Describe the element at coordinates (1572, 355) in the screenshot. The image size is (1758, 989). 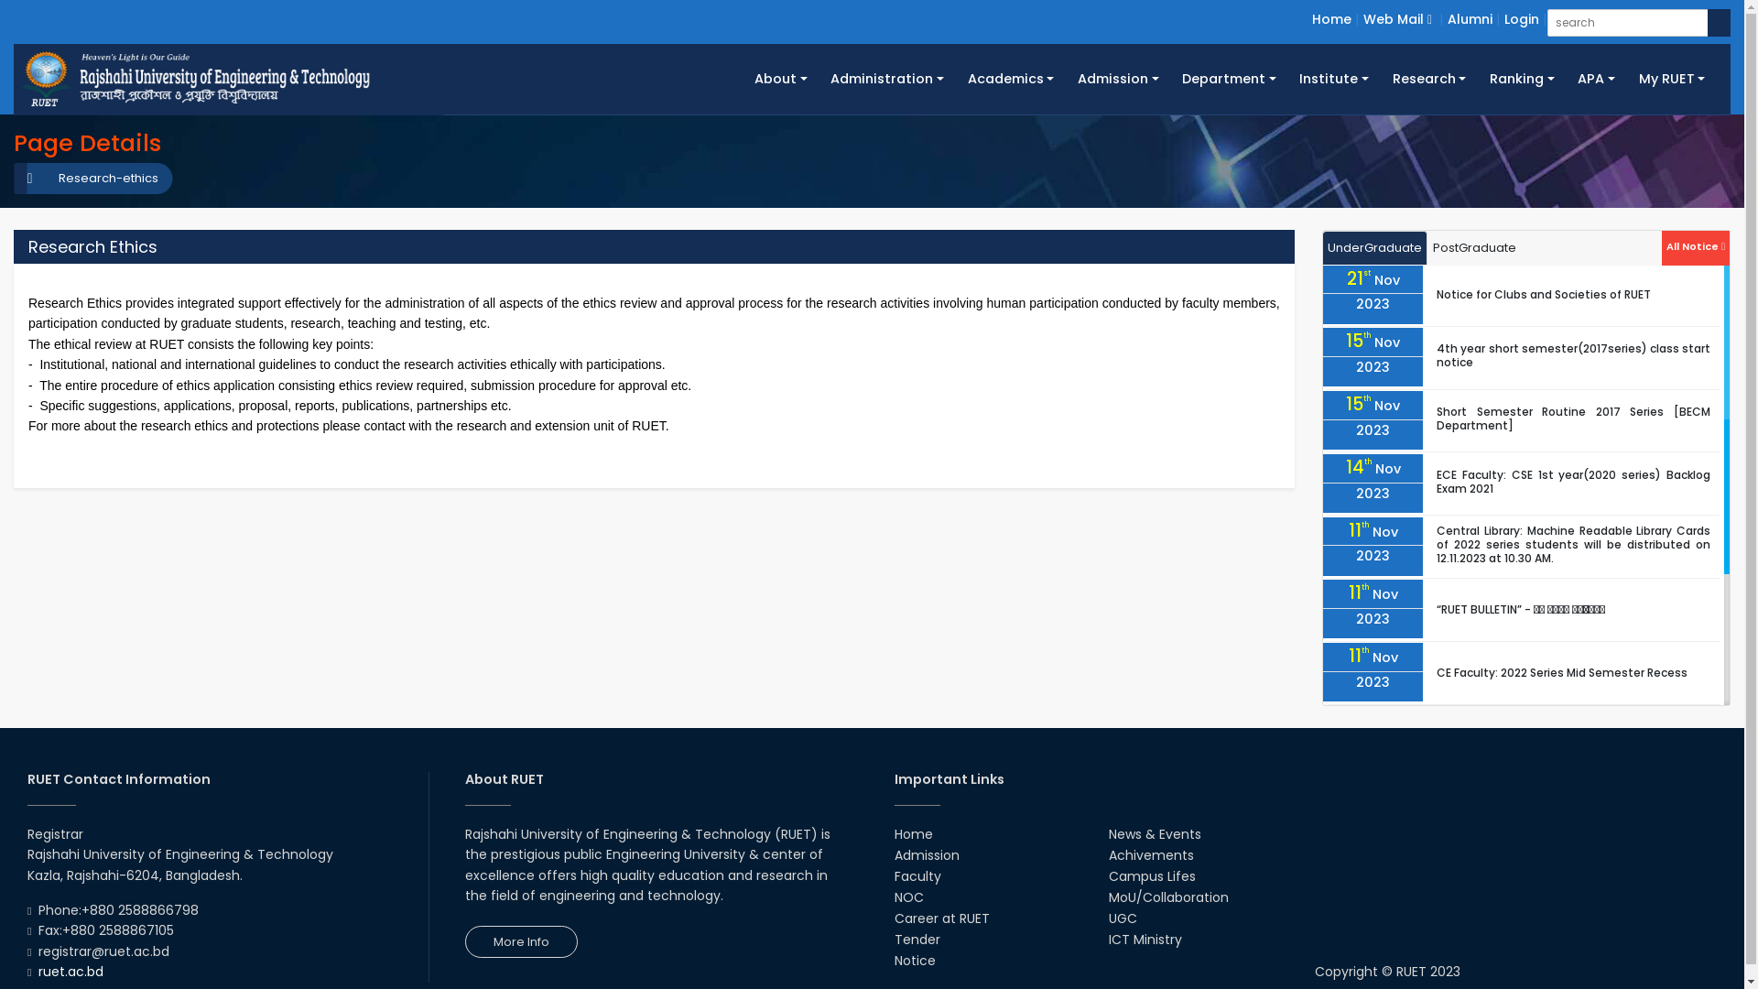
I see `'4th year short semester(2017series) class start notice'` at that location.